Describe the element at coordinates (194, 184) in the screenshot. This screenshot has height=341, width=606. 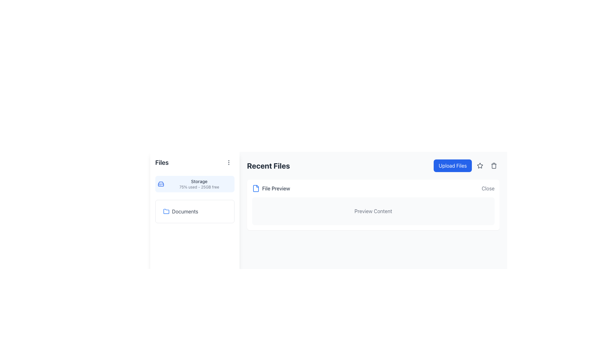
I see `the storage usage summary text block located under the 'Files' header for more details` at that location.